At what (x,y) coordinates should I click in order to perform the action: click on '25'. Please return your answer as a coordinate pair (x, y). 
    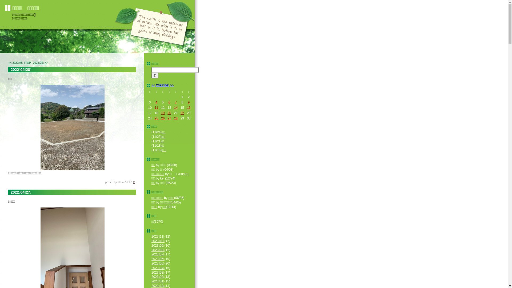
    Looking at the image, I should click on (156, 118).